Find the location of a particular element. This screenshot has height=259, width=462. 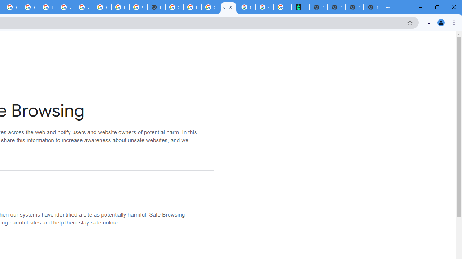

'Control your music, videos, and more' is located at coordinates (428, 22).